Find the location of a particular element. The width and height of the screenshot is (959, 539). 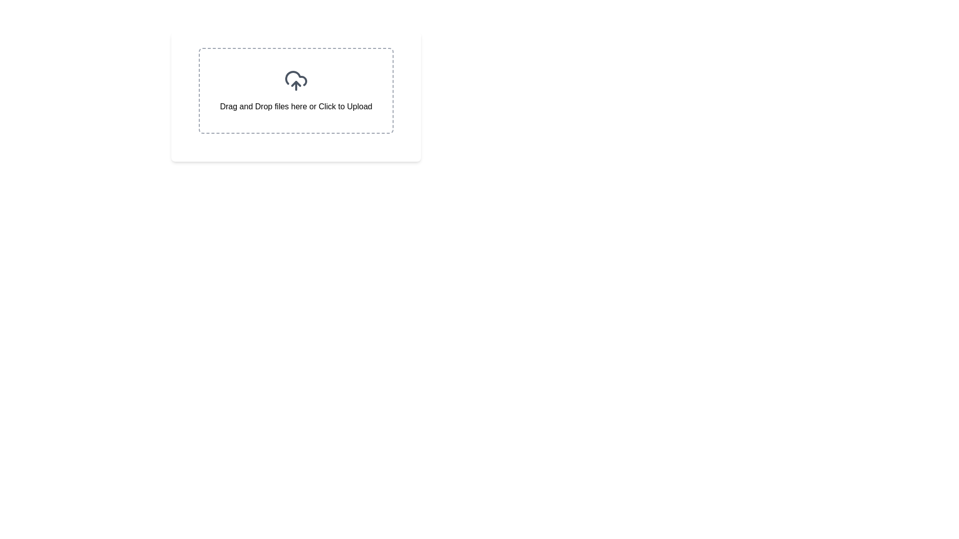

the instructional text that reads 'Drag and Drop files here or Click to Upload.' which is centrally located beneath the upload icon is located at coordinates (296, 106).